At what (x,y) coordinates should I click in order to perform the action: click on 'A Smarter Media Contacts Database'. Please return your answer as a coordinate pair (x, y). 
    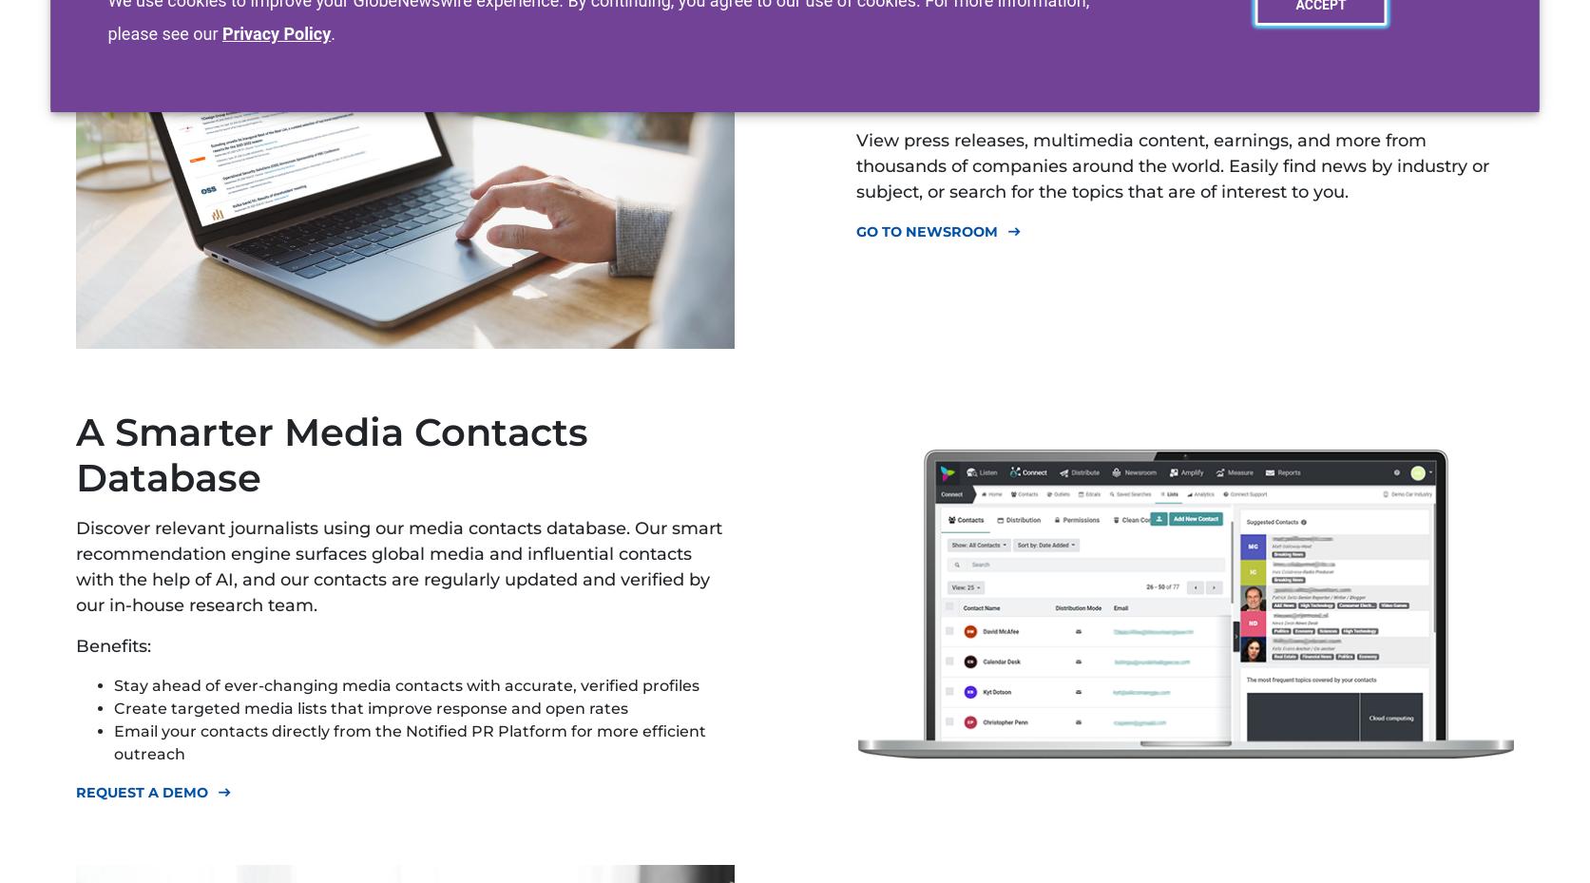
    Looking at the image, I should click on (332, 454).